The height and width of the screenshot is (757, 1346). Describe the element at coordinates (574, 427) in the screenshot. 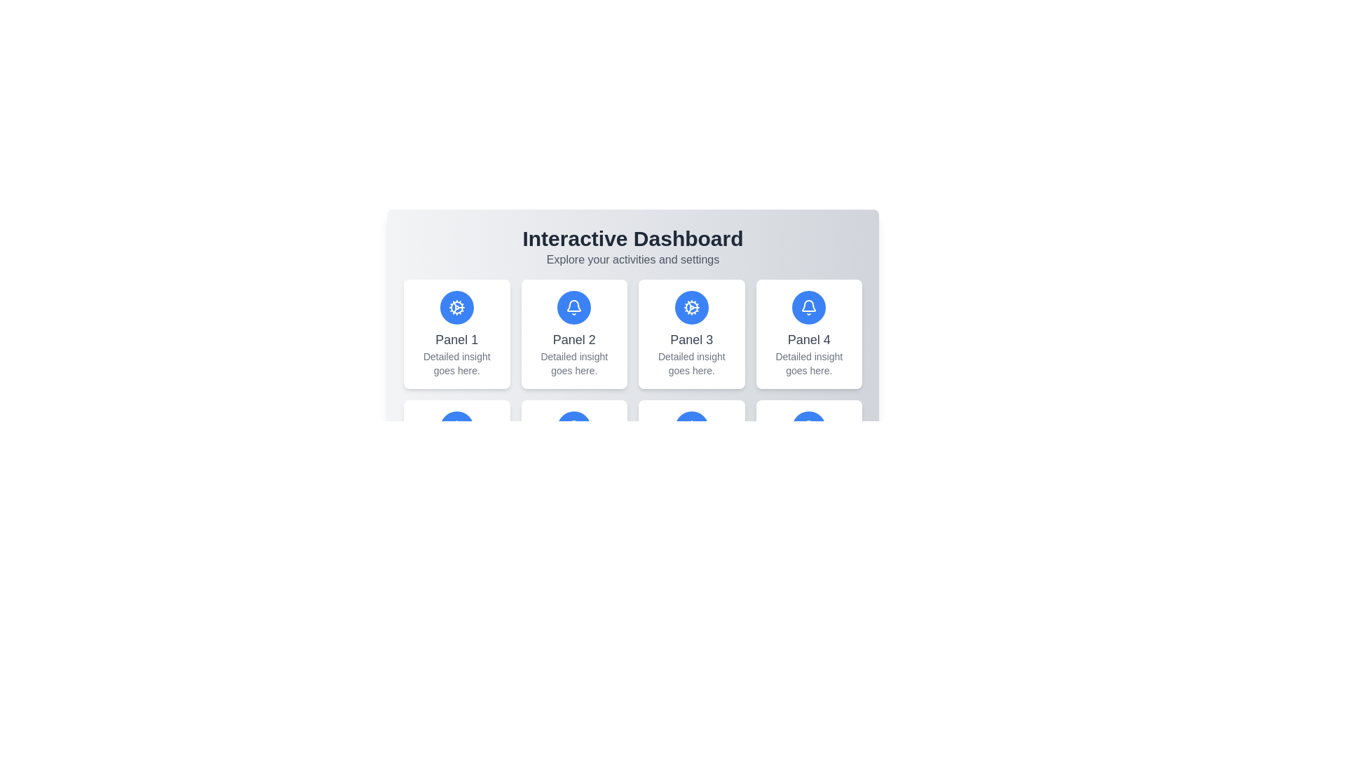

I see `the notification icon located in the blue circular section atop the second panel of the first row in the dashboard layout` at that location.